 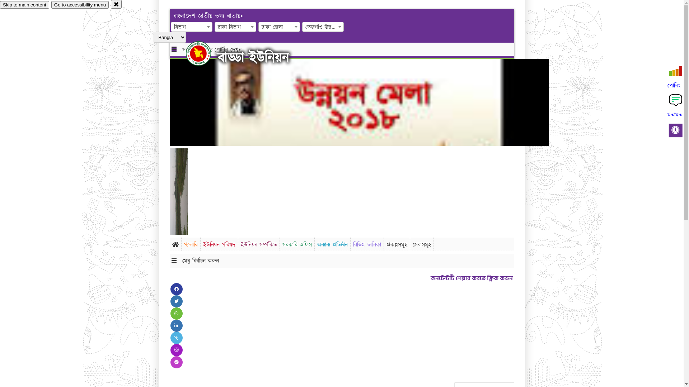 I want to click on ', so click(x=204, y=53).